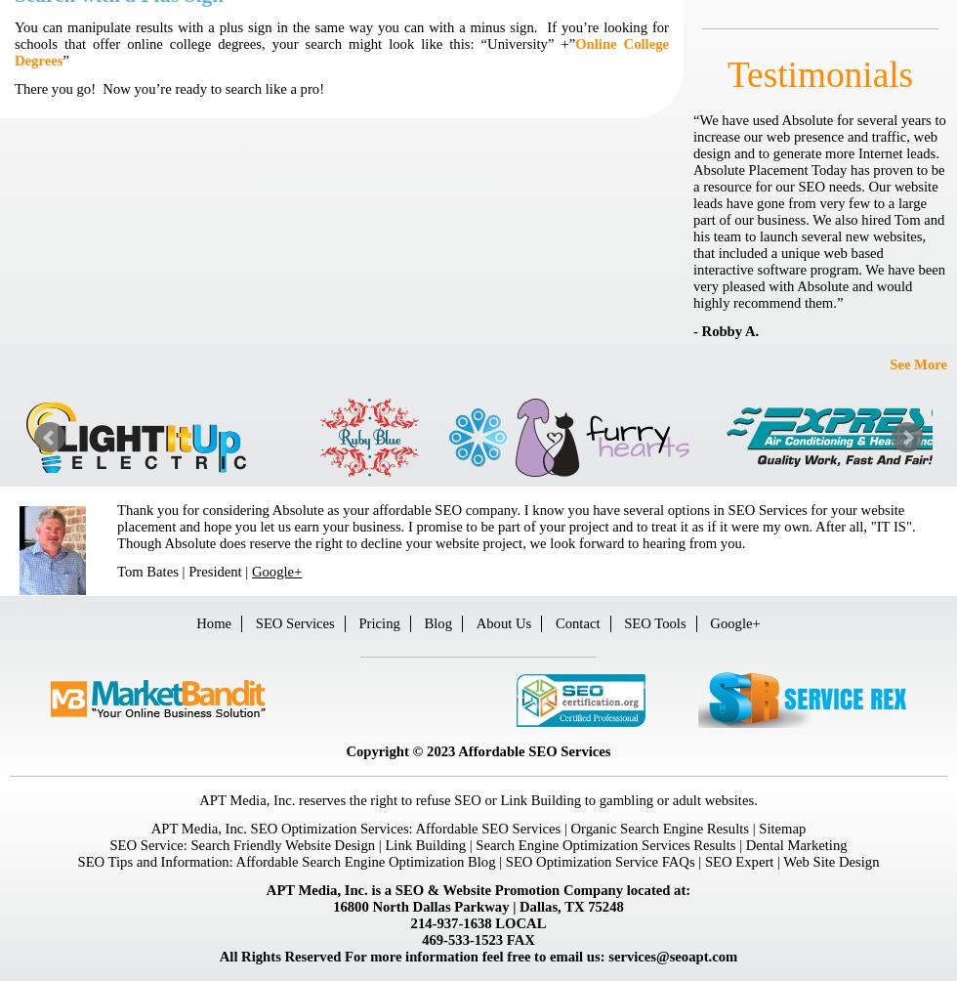 Image resolution: width=957 pixels, height=981 pixels. I want to click on 'Testimonials', so click(819, 74).